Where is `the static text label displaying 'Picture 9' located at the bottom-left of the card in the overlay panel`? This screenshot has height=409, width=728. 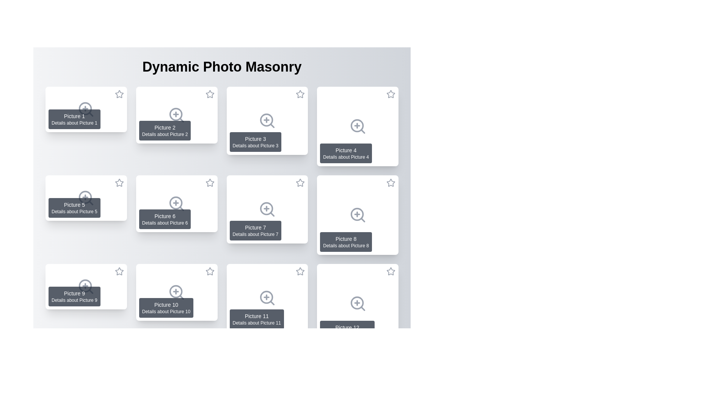 the static text label displaying 'Picture 9' located at the bottom-left of the card in the overlay panel is located at coordinates (74, 293).